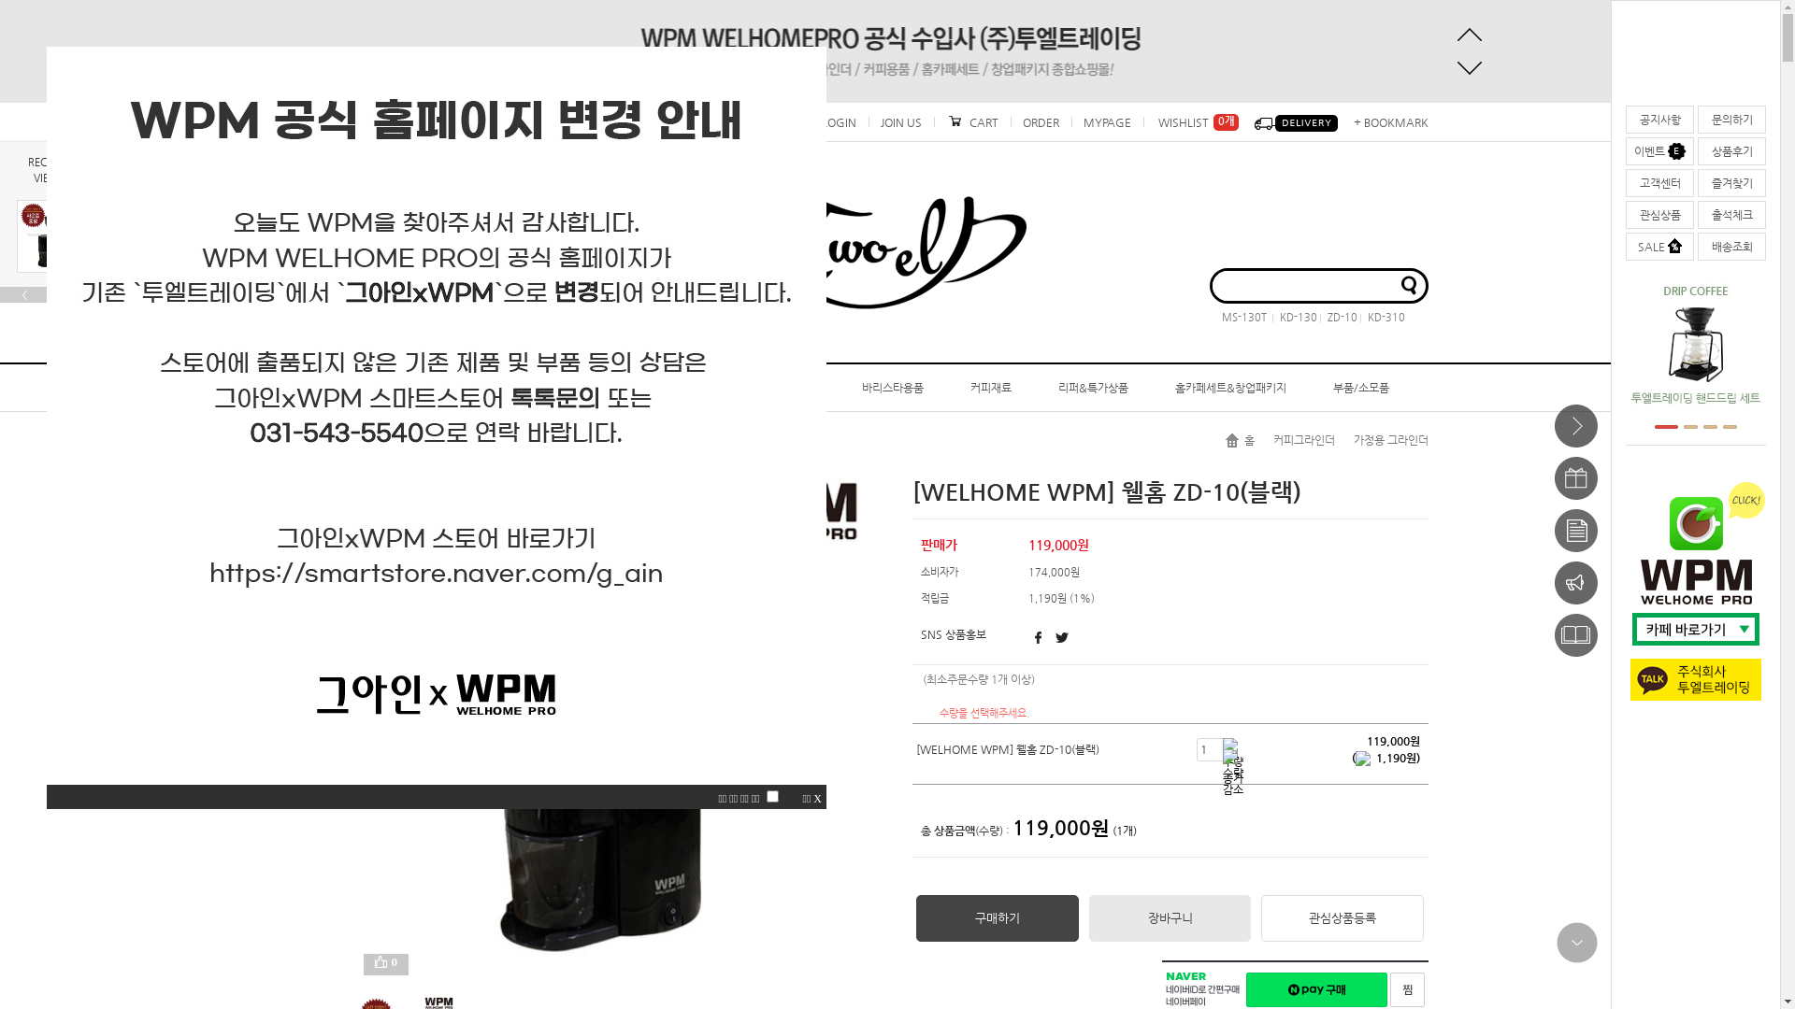 This screenshot has height=1009, width=1795. I want to click on ' JOIN US', so click(866, 122).